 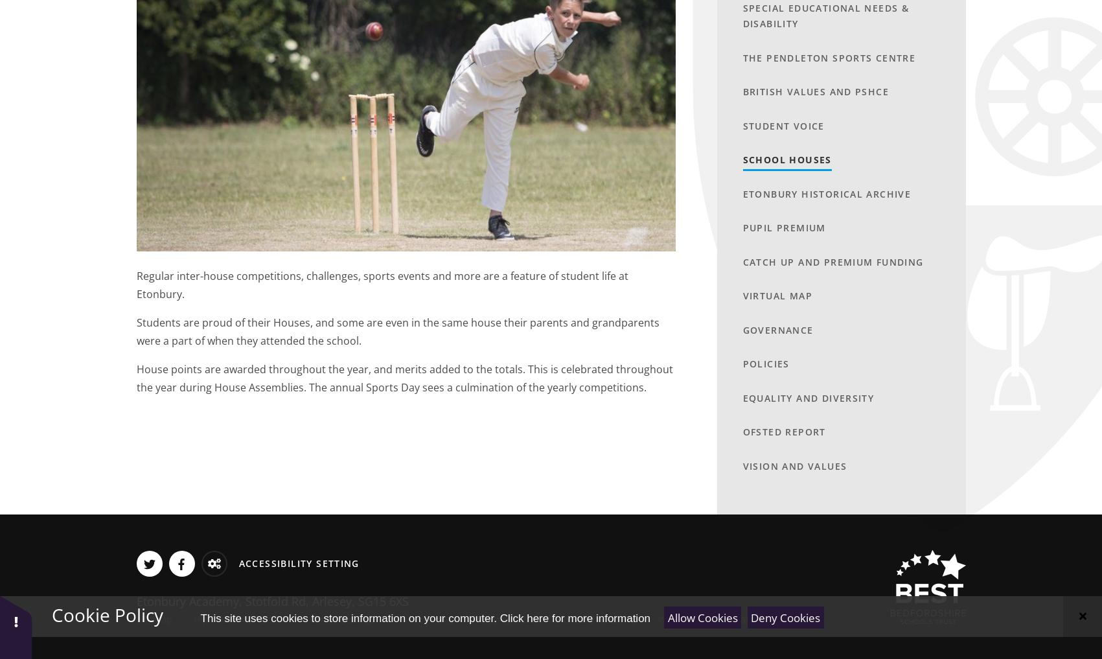 I want to click on 'Etonbury Historical Archive', so click(x=826, y=193).